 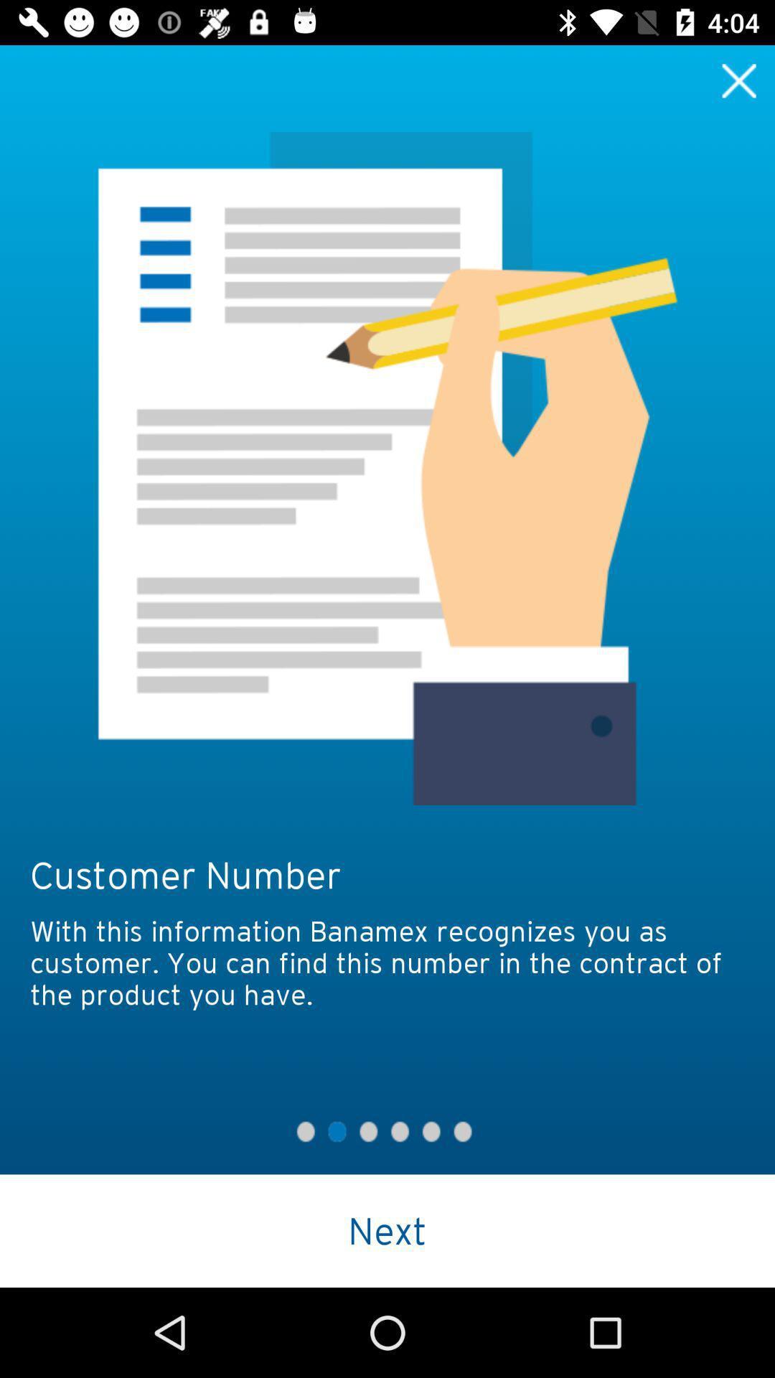 What do you see at coordinates (739, 80) in the screenshot?
I see `the app` at bounding box center [739, 80].